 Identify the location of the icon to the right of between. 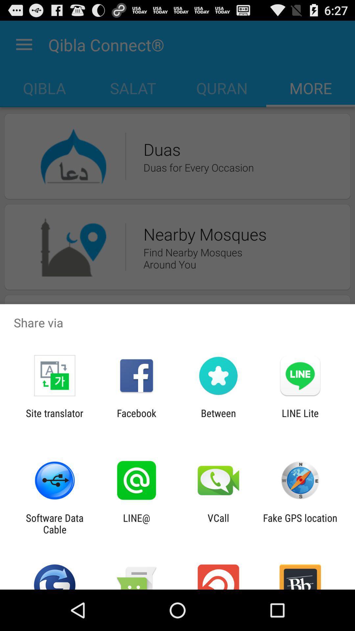
(300, 419).